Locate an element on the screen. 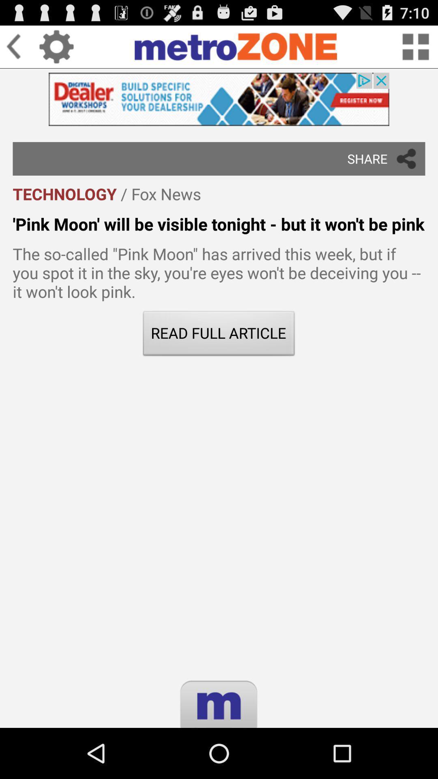 This screenshot has width=438, height=779. the settings icon is located at coordinates (56, 49).